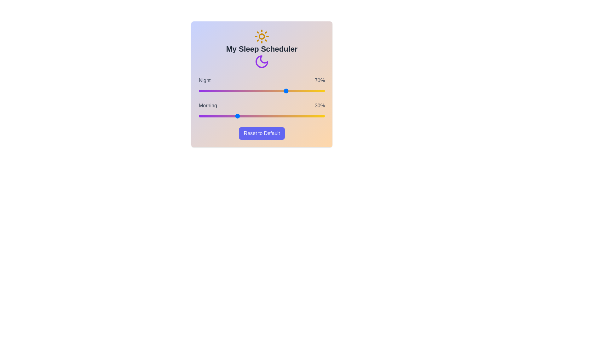  What do you see at coordinates (198, 91) in the screenshot?
I see `the 'Night' slider to 0%` at bounding box center [198, 91].